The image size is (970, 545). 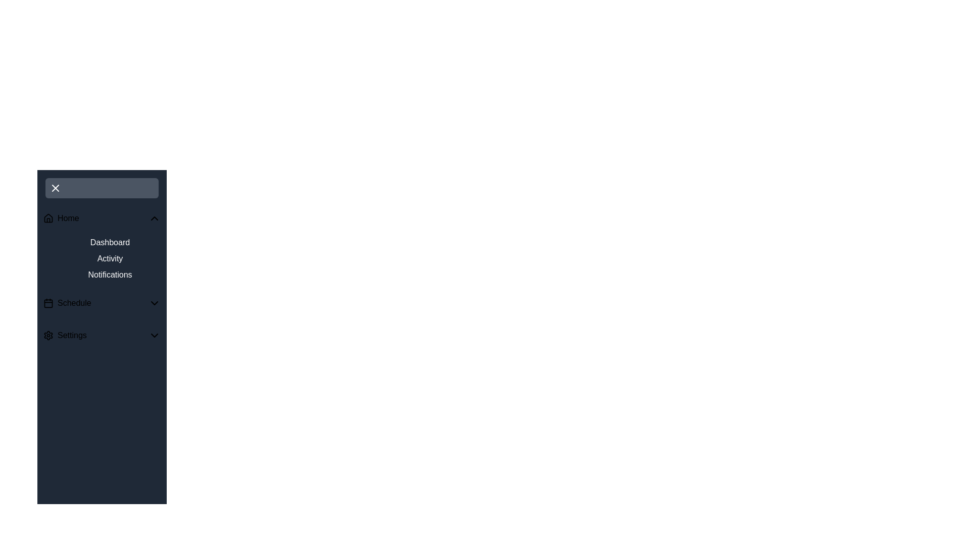 What do you see at coordinates (64, 335) in the screenshot?
I see `the settings menu item located in the lower section of the vertical sidebar menu using keyboard navigation` at bounding box center [64, 335].